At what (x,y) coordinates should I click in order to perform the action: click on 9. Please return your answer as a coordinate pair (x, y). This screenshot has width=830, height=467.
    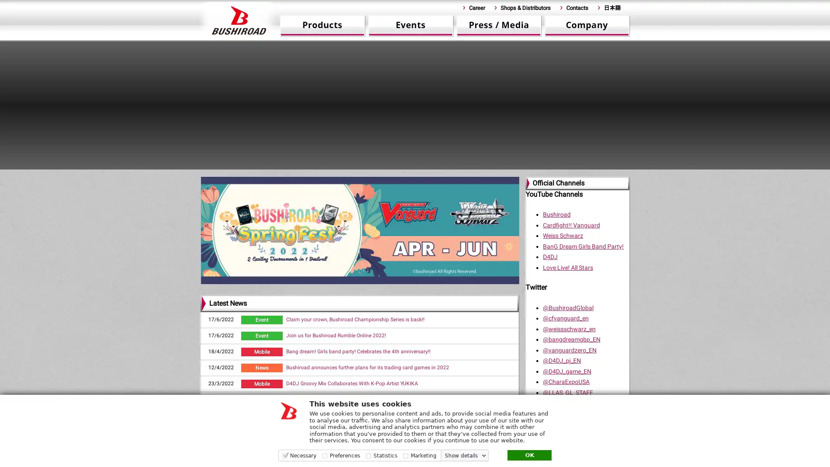
    Looking at the image, I should click on (421, 166).